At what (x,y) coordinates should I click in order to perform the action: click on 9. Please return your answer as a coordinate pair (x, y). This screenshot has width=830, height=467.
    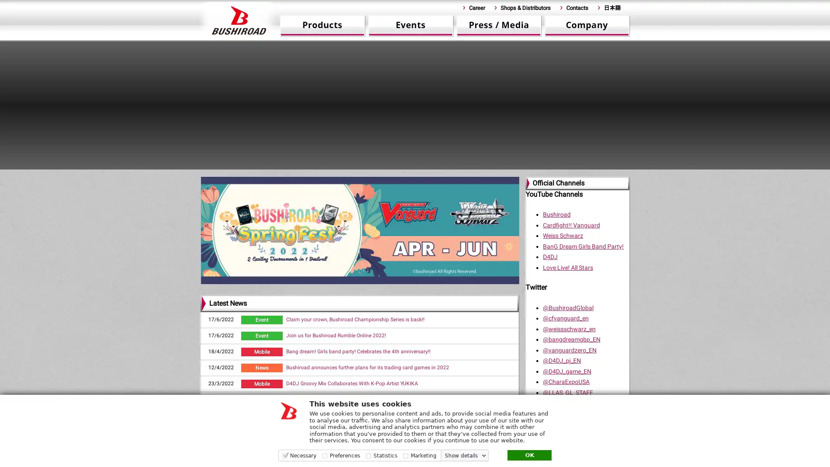
    Looking at the image, I should click on (421, 166).